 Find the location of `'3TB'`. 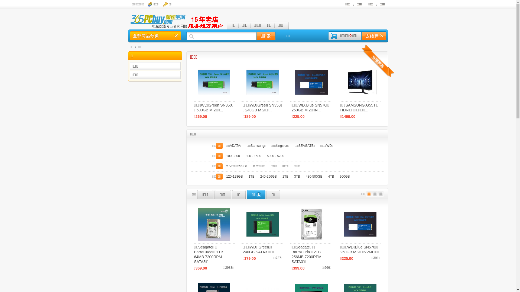

'3TB' is located at coordinates (292, 176).